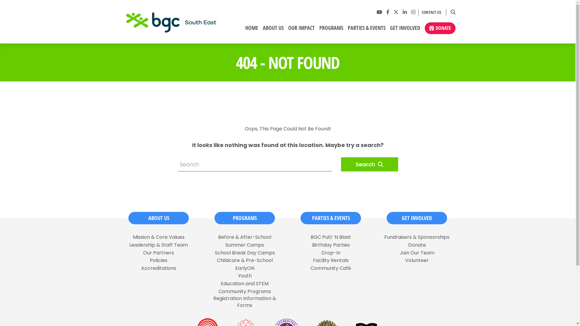 This screenshot has width=580, height=326. What do you see at coordinates (158, 253) in the screenshot?
I see `'Our Partners'` at bounding box center [158, 253].